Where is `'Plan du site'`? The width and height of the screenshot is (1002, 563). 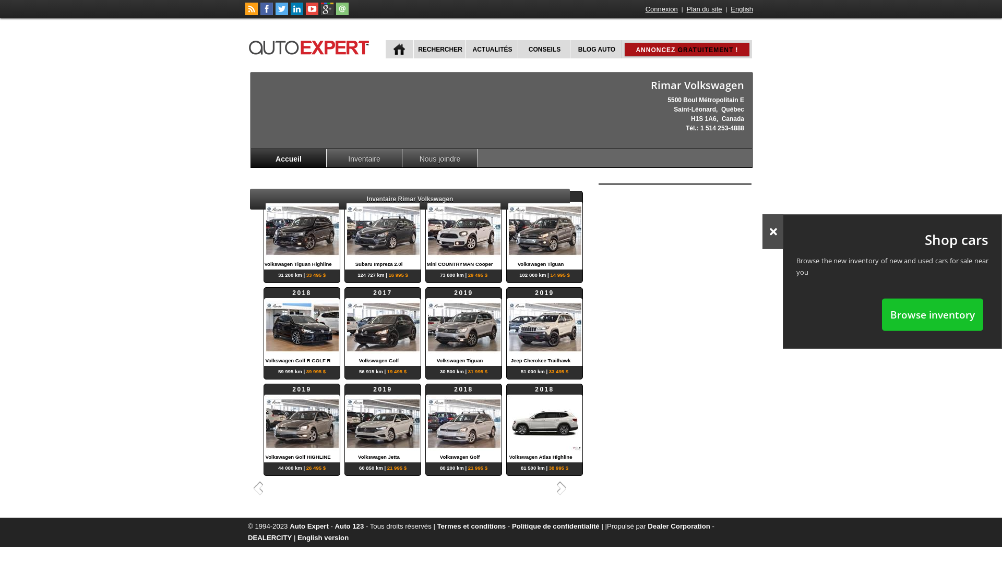
'Plan du site' is located at coordinates (704, 9).